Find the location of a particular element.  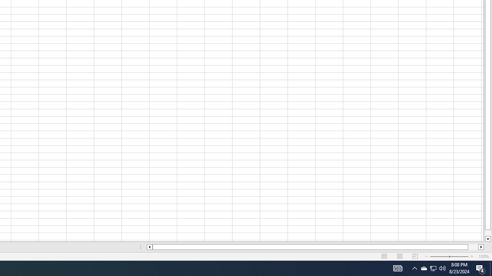

'Line down' is located at coordinates (487, 239).